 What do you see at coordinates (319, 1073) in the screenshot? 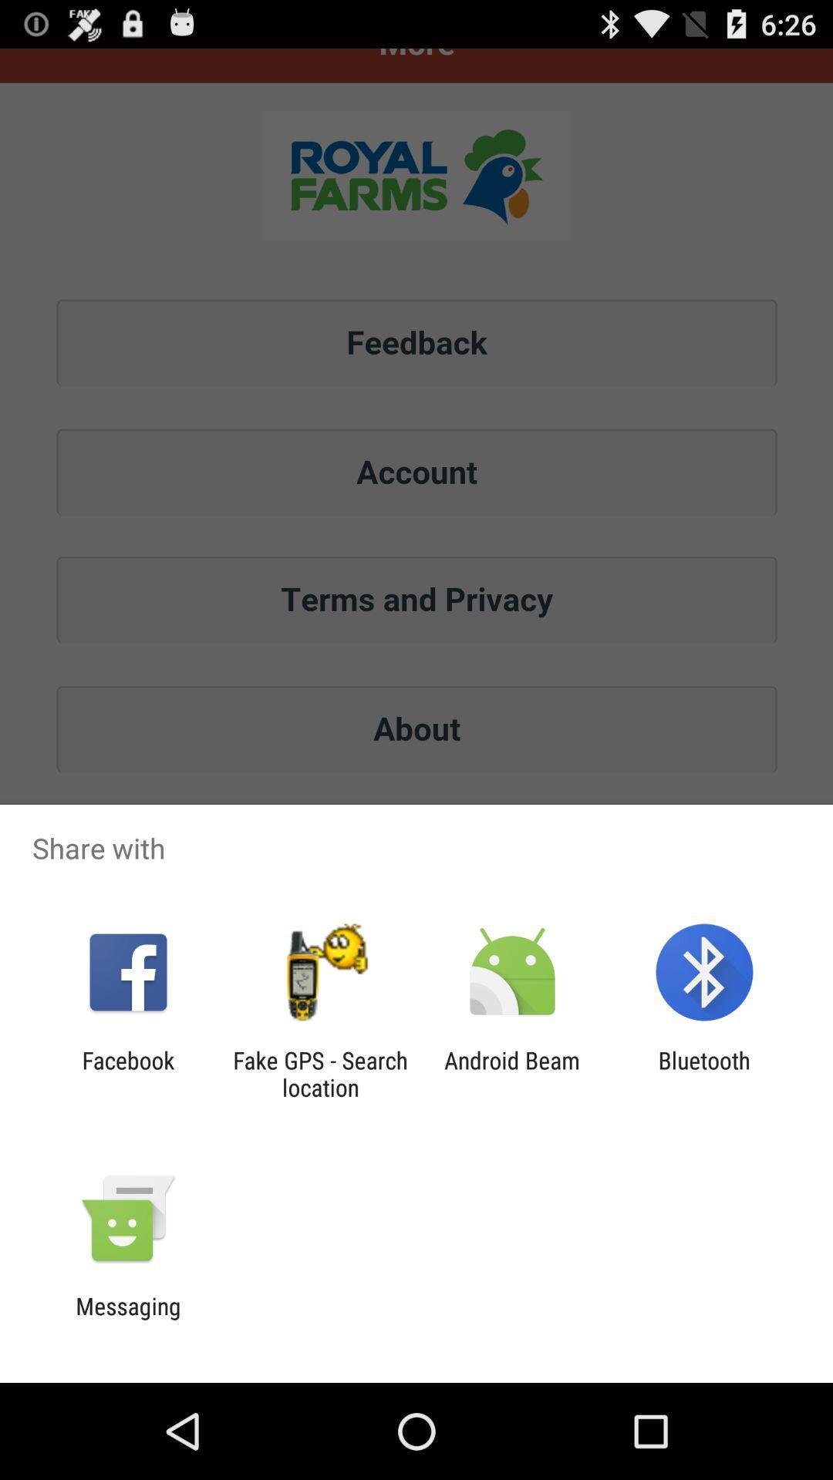
I see `app next to facebook item` at bounding box center [319, 1073].